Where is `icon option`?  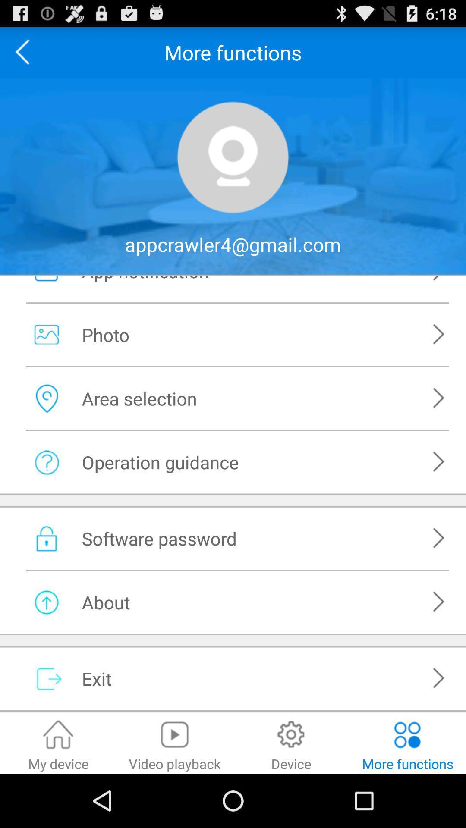 icon option is located at coordinates (233, 157).